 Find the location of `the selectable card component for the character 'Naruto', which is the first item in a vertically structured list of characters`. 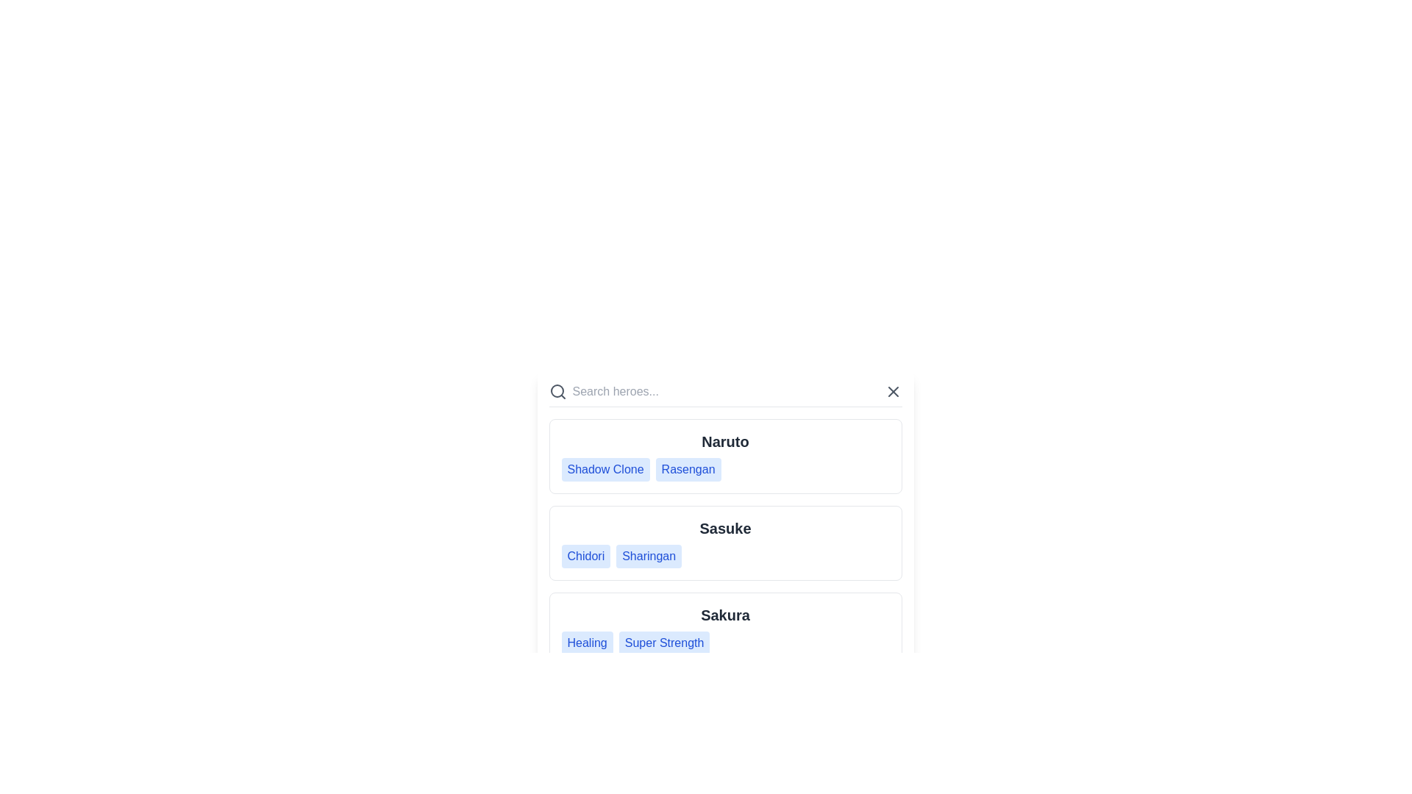

the selectable card component for the character 'Naruto', which is the first item in a vertically structured list of characters is located at coordinates (725, 456).